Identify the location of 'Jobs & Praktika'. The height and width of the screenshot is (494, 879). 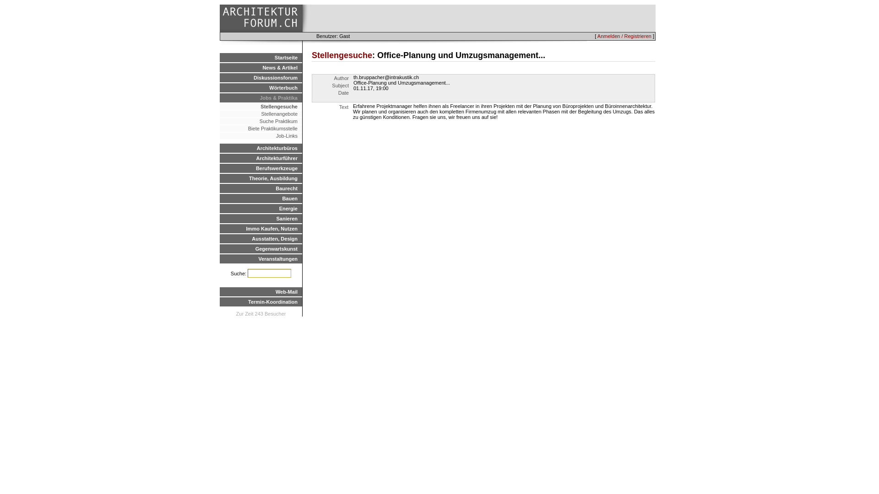
(260, 97).